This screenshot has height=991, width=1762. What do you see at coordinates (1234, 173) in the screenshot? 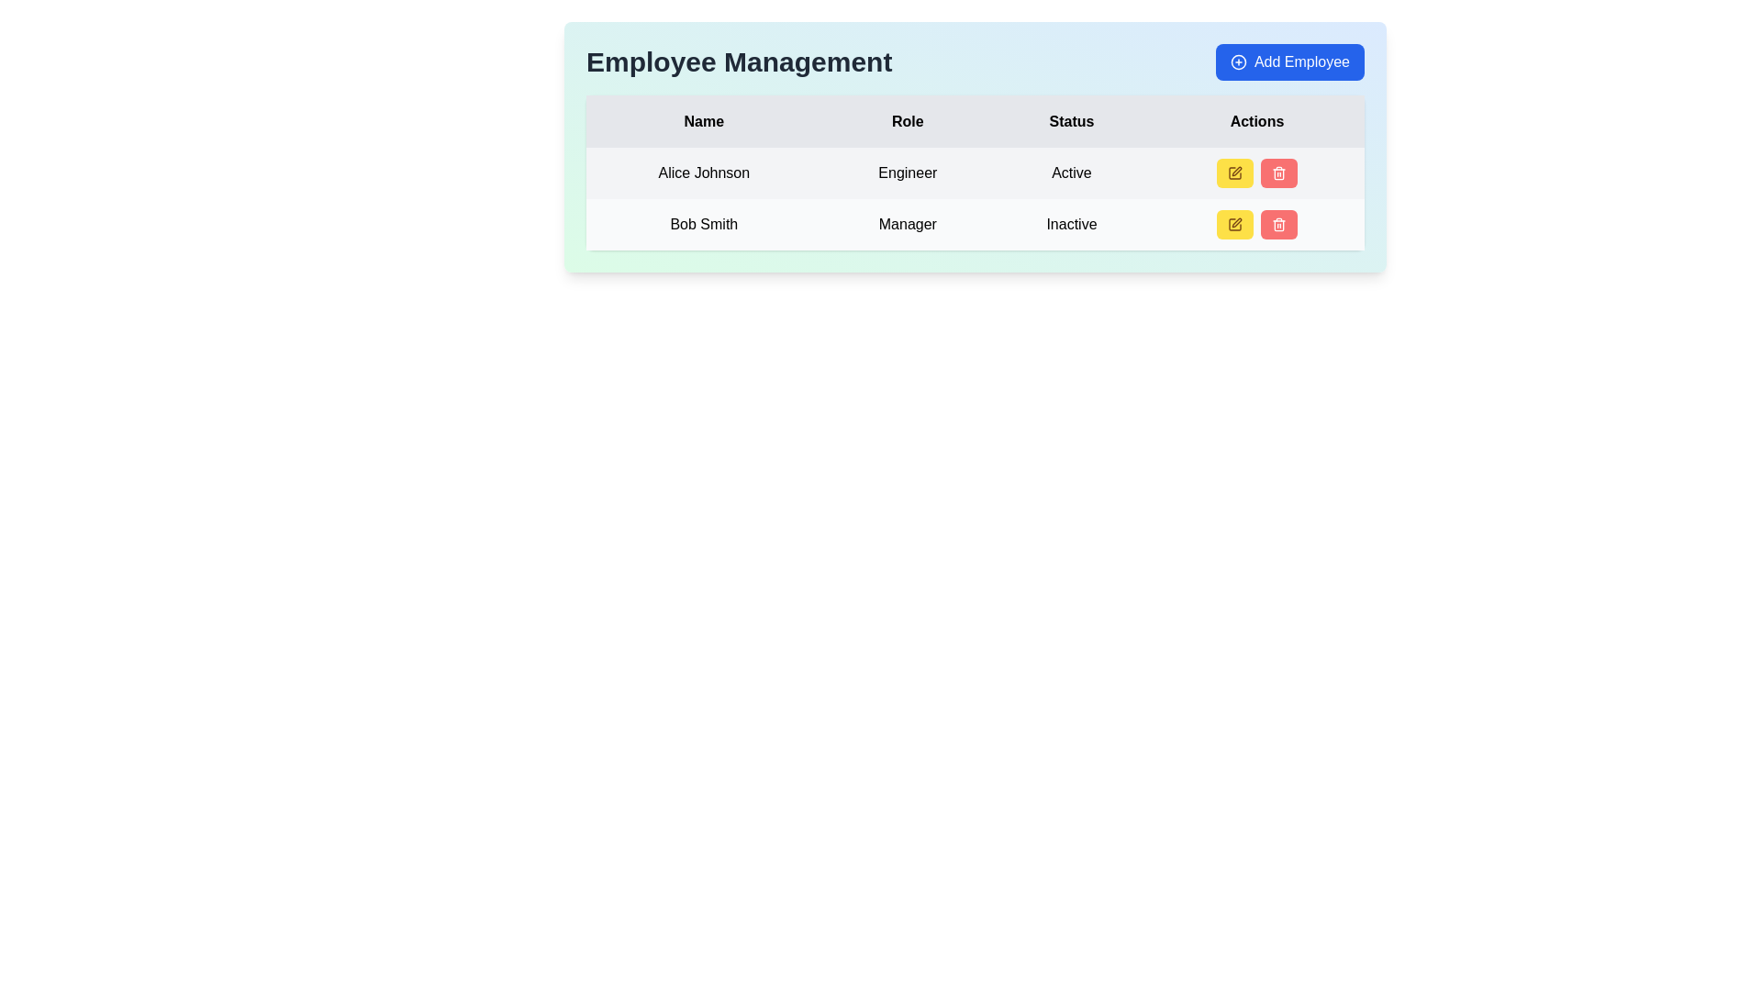
I see `the yellow rectangular button with rounded corners containing an edit icon located in the first row of the Actions column` at bounding box center [1234, 173].